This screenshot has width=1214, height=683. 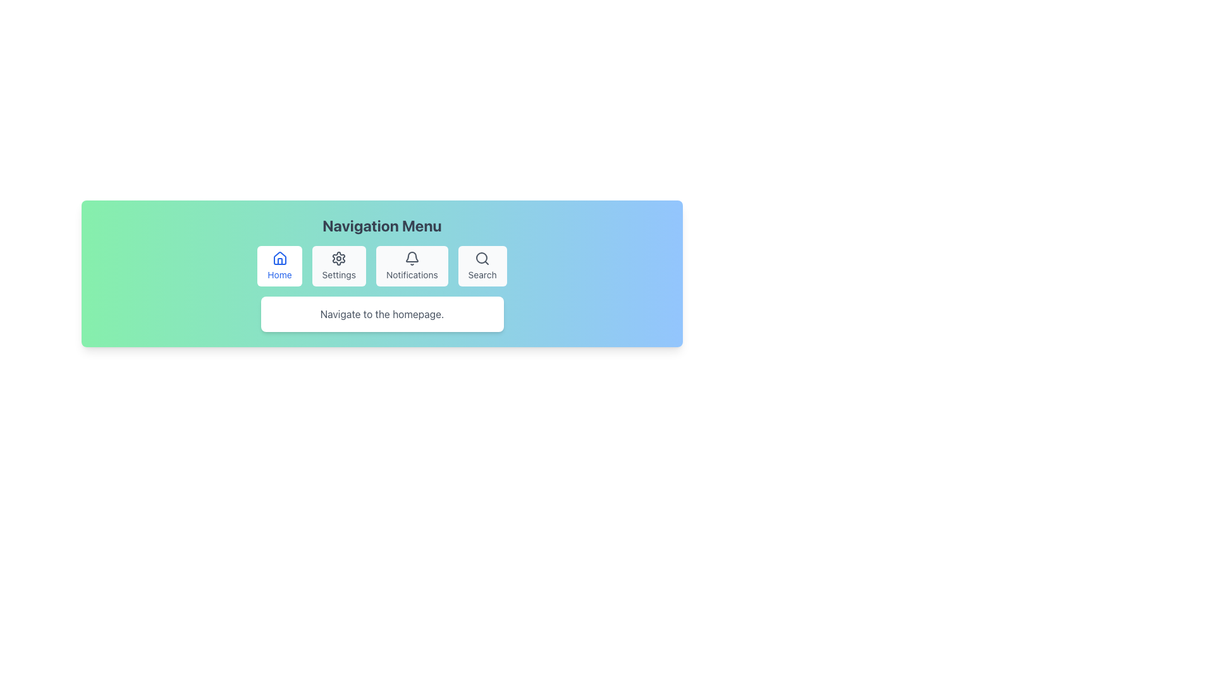 I want to click on the home icon located in the top-left segment of the navigation menu, so click(x=279, y=257).